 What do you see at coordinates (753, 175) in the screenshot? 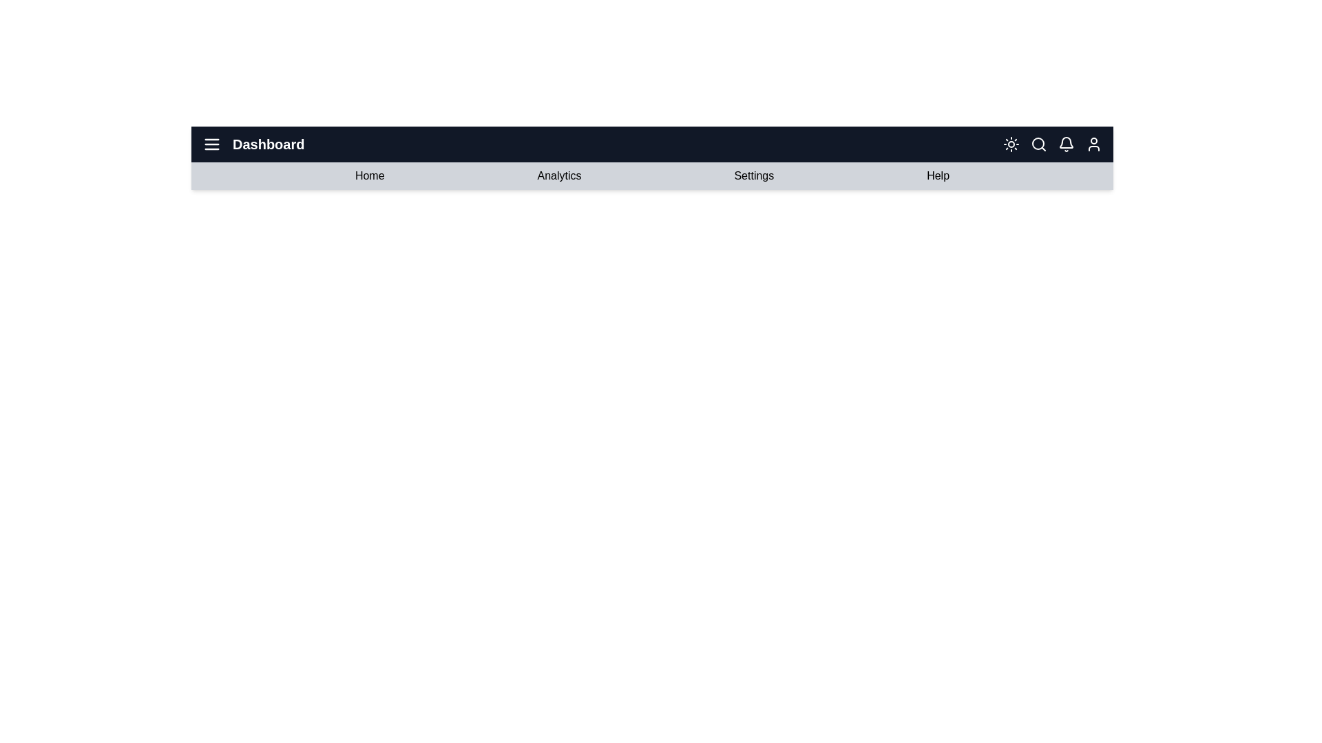
I see `the 'Settings' button in the navigation bar` at bounding box center [753, 175].